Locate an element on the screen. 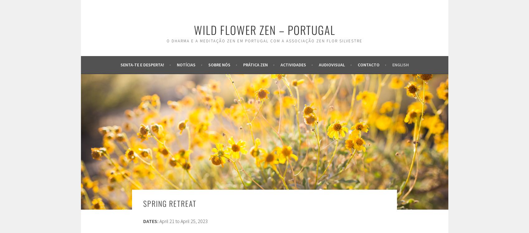  'April 21 to April 25, 2023' is located at coordinates (183, 221).